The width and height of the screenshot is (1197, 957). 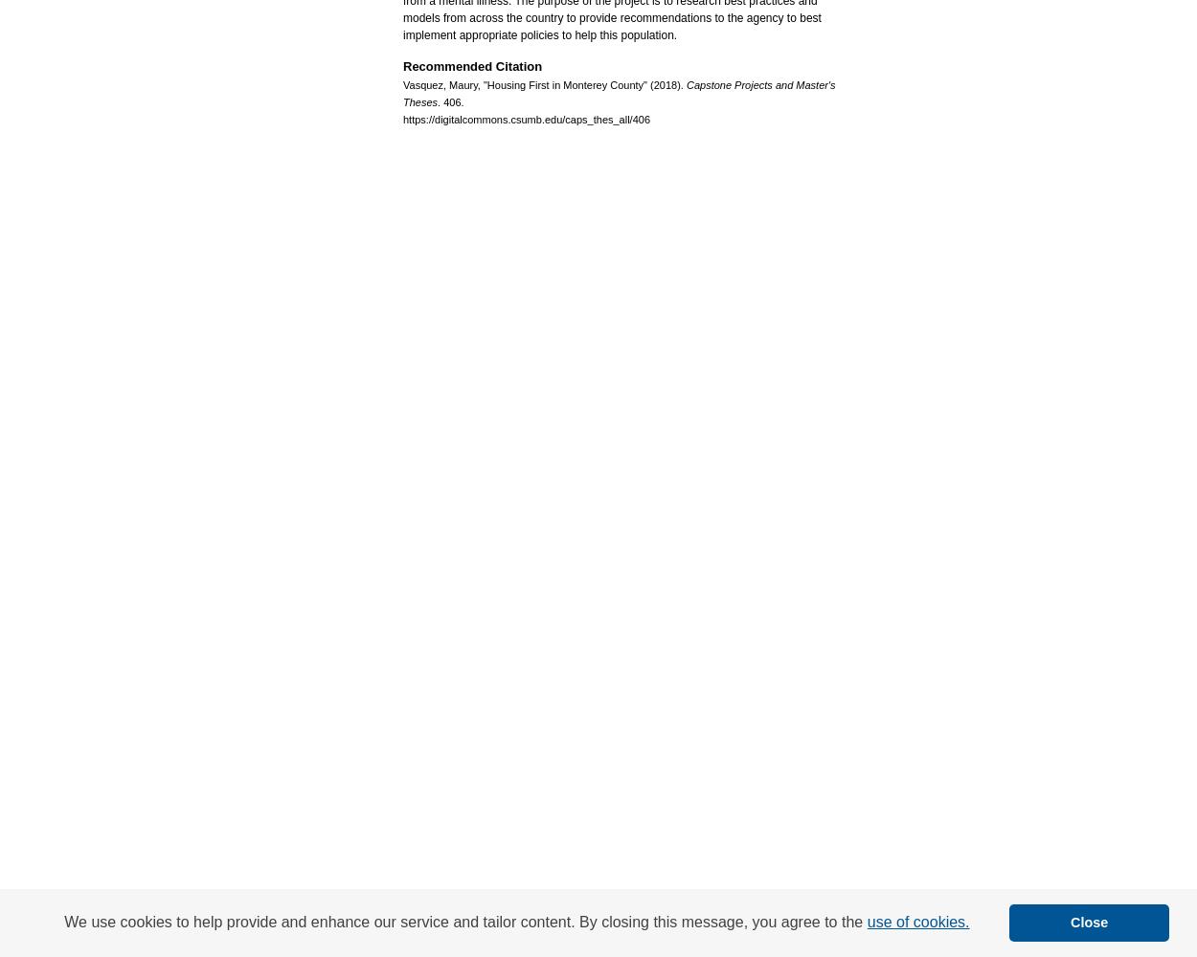 What do you see at coordinates (459, 907) in the screenshot?
I see `'About'` at bounding box center [459, 907].